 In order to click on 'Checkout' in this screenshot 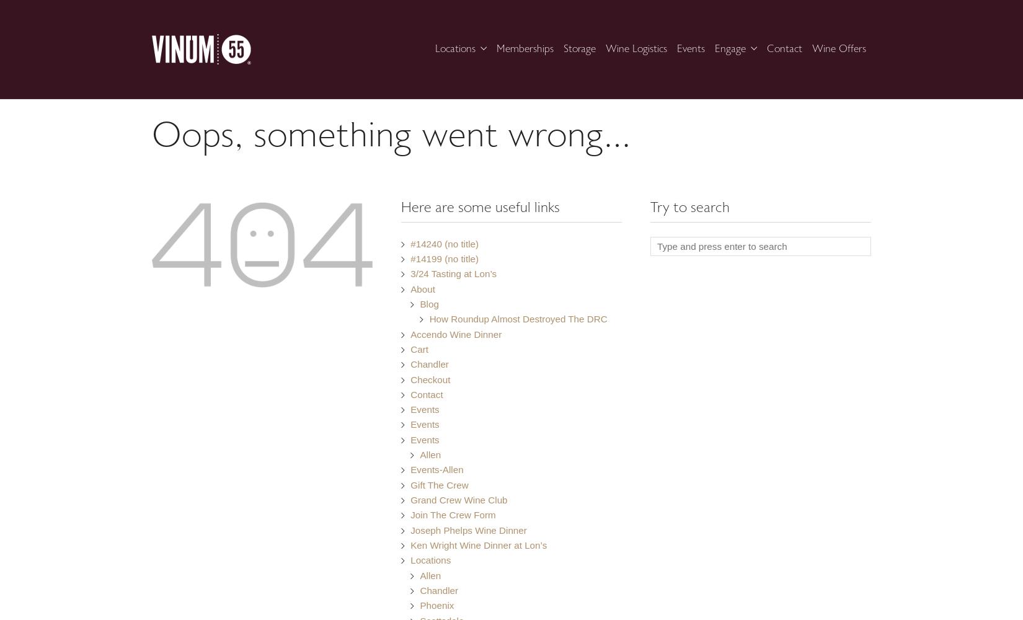, I will do `click(409, 378)`.